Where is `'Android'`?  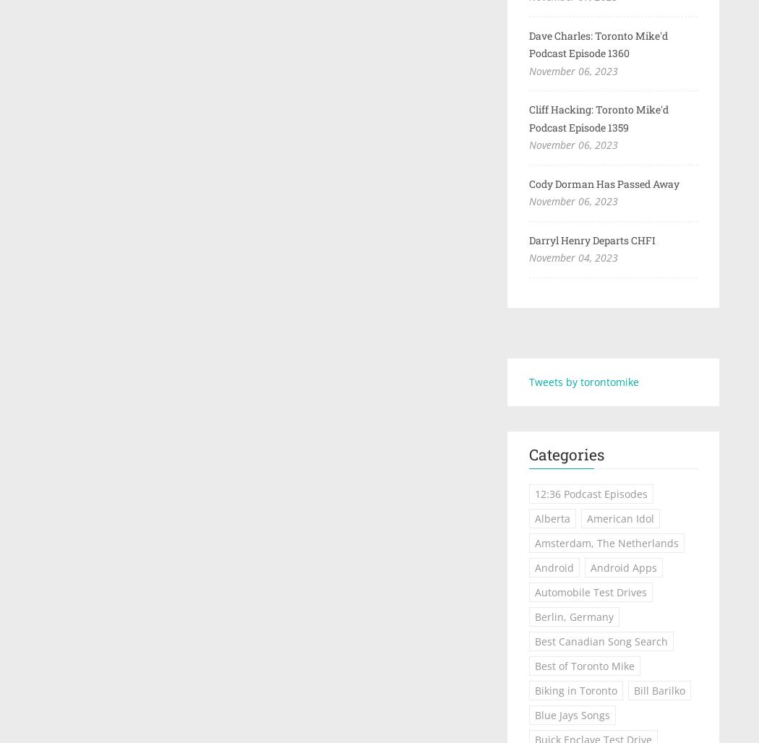 'Android' is located at coordinates (553, 567).